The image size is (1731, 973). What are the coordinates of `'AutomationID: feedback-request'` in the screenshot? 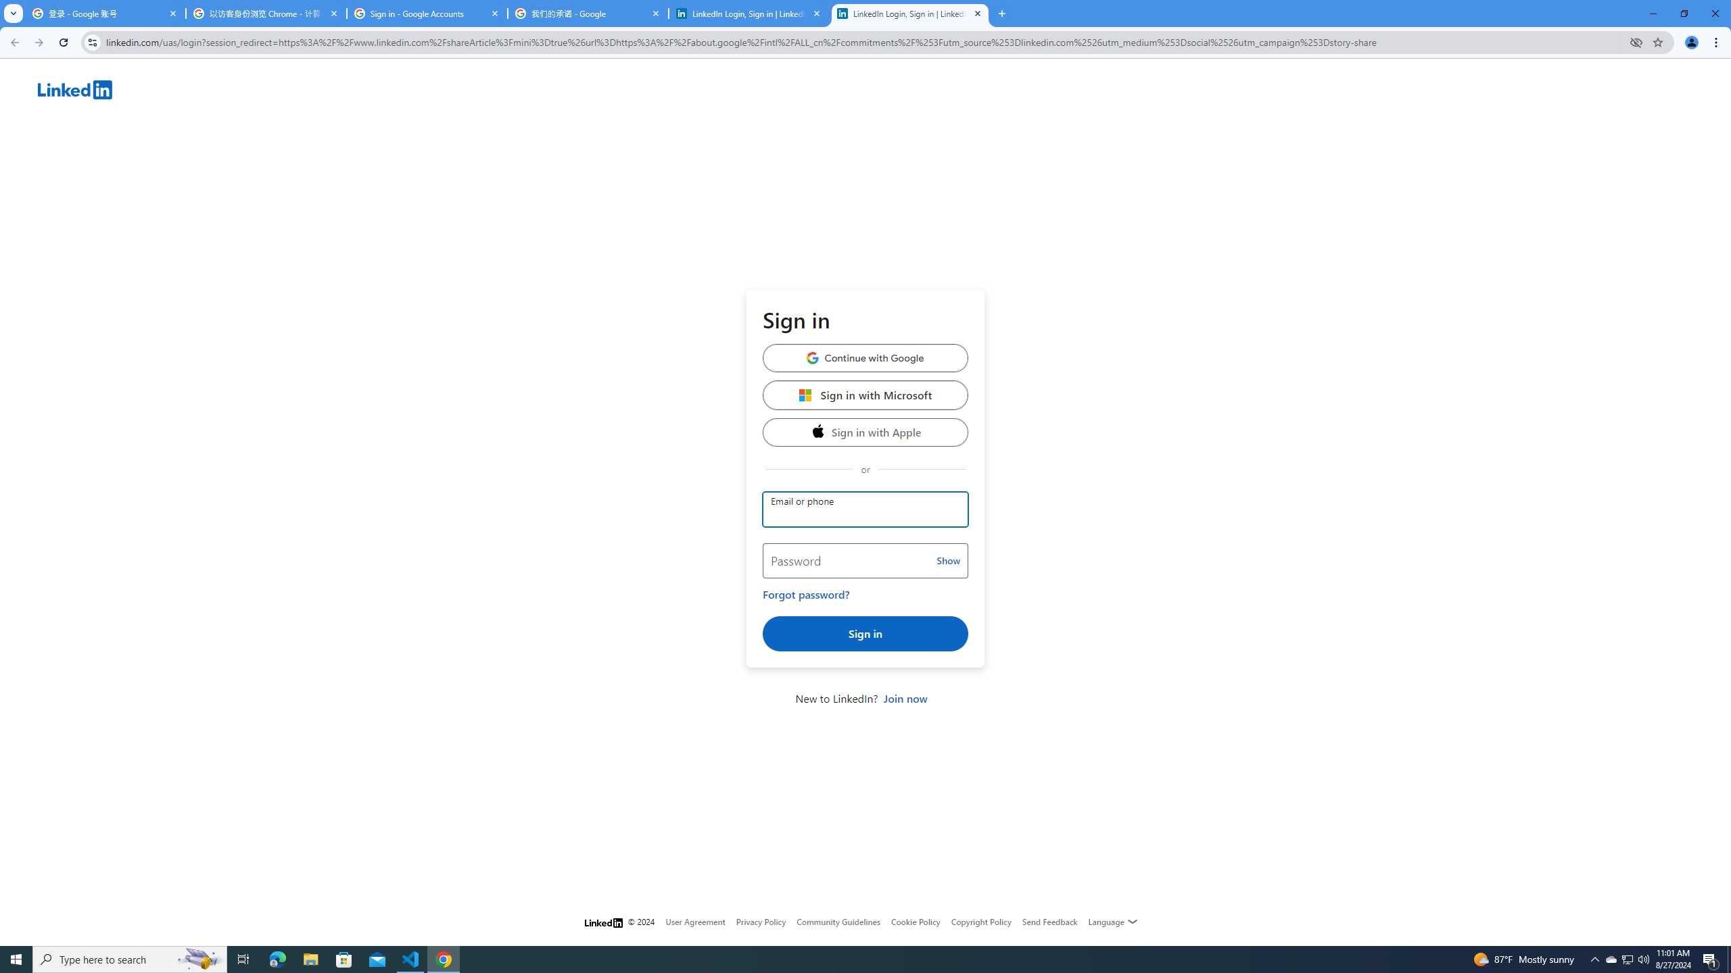 It's located at (1049, 921).